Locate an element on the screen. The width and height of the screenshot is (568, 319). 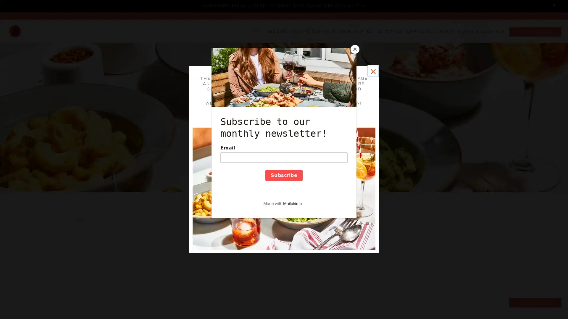
PLAYING HERO GALLERY, PRESS TO PAUSE IMAGES SLIDES is located at coordinates (283, 302).